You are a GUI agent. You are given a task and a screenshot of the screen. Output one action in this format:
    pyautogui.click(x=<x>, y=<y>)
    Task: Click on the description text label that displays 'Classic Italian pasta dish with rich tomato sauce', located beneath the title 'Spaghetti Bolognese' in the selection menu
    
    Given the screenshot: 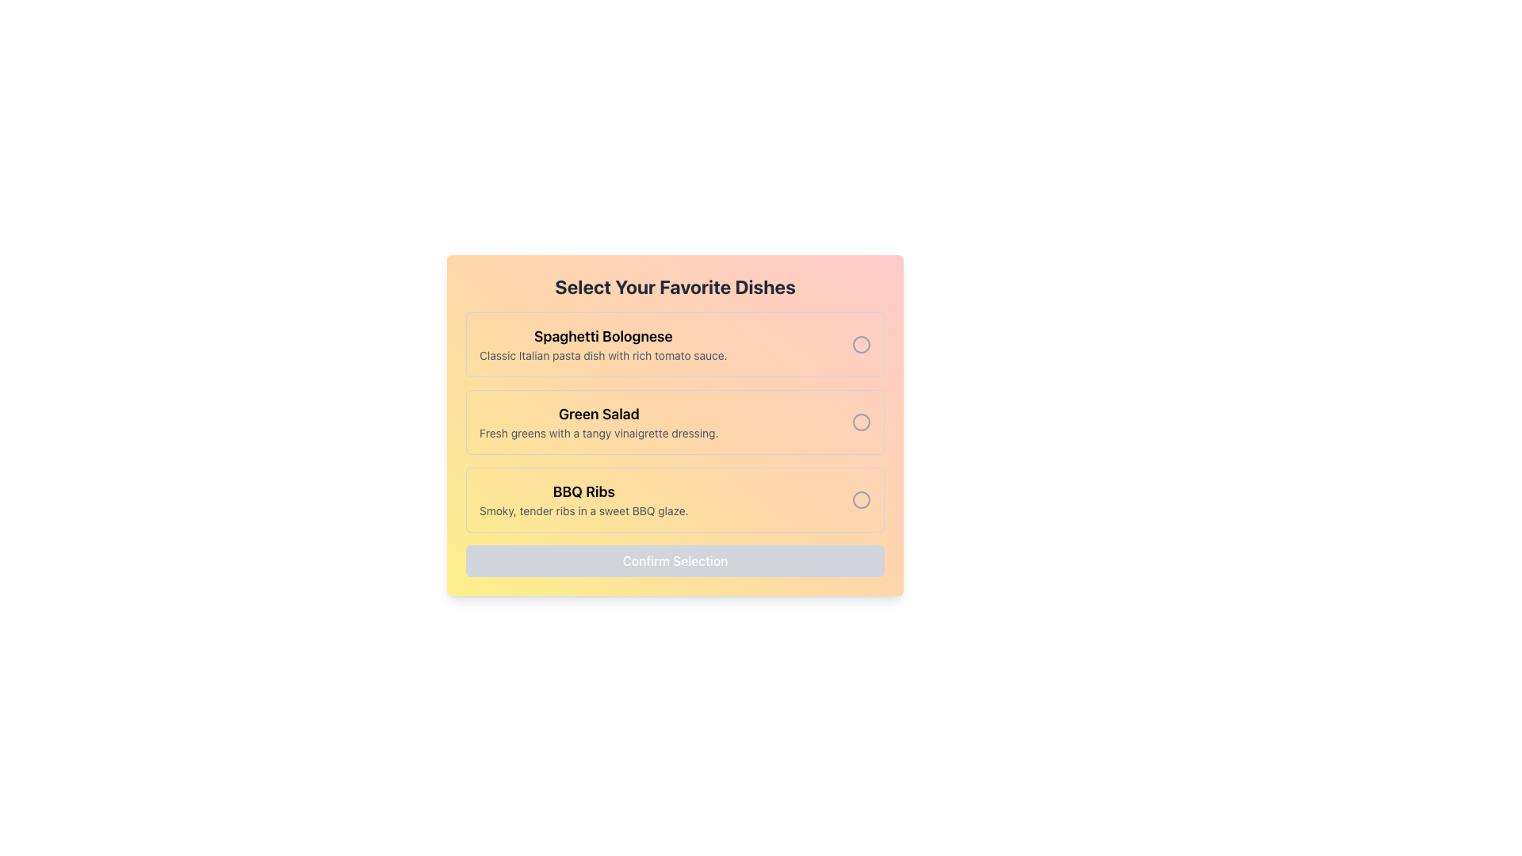 What is the action you would take?
    pyautogui.click(x=602, y=354)
    